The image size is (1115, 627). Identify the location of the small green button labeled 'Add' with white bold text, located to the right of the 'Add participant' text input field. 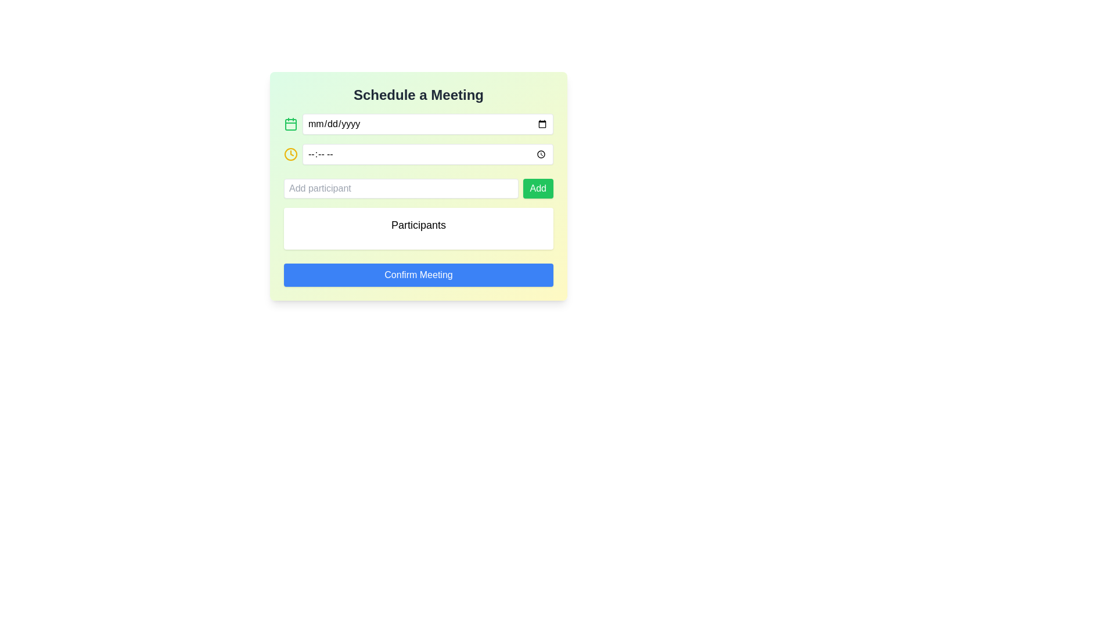
(537, 188).